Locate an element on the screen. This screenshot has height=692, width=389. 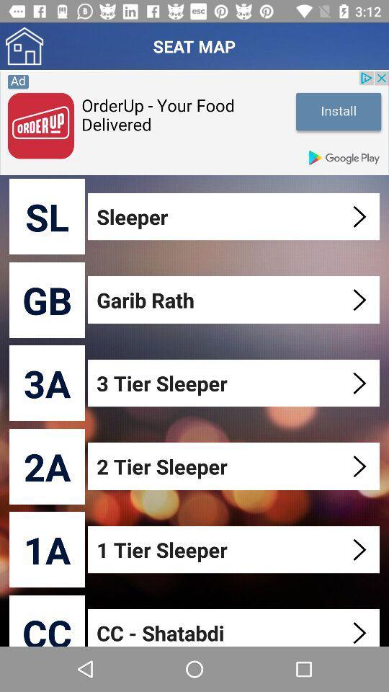
sl item is located at coordinates (47, 216).